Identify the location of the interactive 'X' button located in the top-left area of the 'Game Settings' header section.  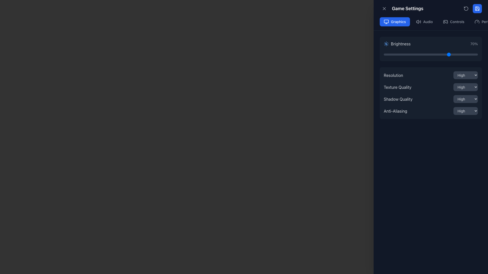
(384, 9).